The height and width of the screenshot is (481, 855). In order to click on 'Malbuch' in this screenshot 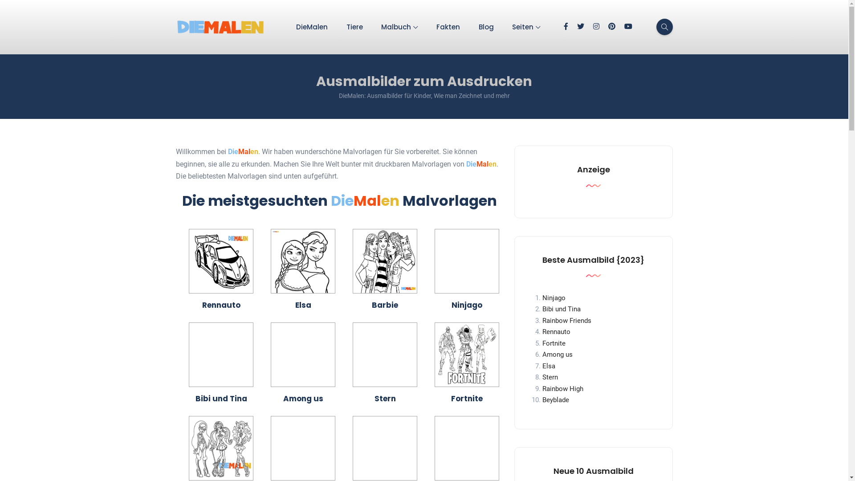, I will do `click(399, 27)`.